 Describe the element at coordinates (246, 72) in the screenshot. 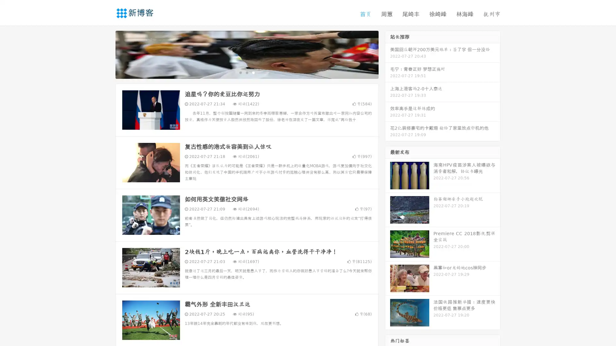

I see `Go to slide 2` at that location.